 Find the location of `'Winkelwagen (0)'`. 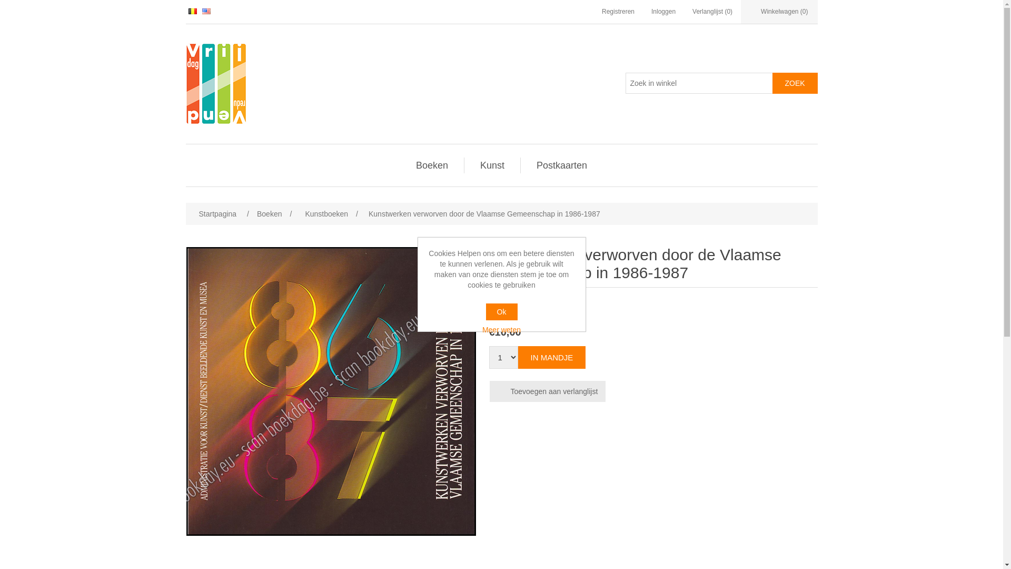

'Winkelwagen (0)' is located at coordinates (779, 12).